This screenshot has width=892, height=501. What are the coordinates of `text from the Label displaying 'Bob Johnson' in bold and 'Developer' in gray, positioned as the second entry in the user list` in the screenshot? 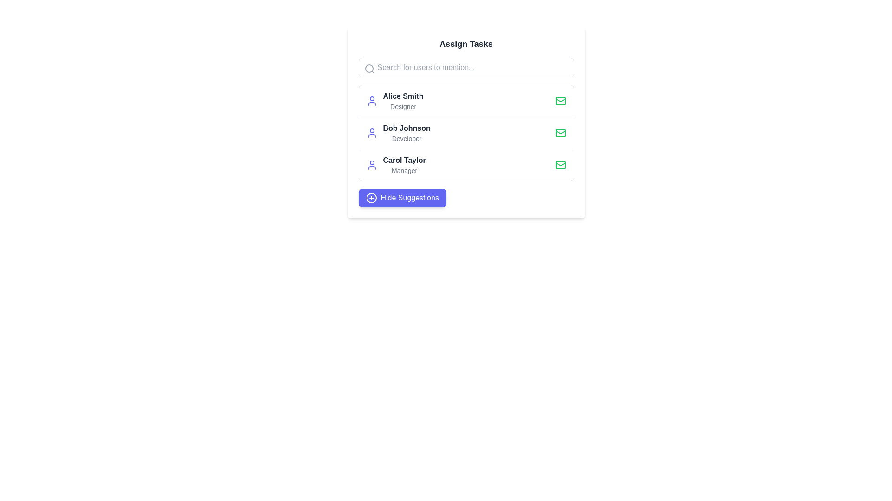 It's located at (407, 133).